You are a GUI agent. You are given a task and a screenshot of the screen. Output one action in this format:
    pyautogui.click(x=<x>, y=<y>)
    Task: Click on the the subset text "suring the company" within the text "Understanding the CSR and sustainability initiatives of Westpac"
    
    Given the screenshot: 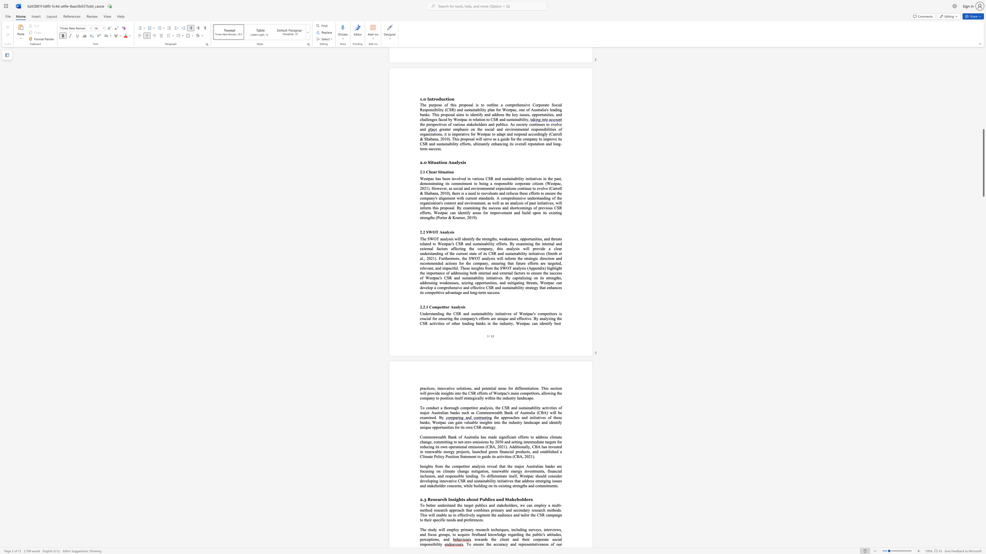 What is the action you would take?
    pyautogui.click(x=442, y=318)
    